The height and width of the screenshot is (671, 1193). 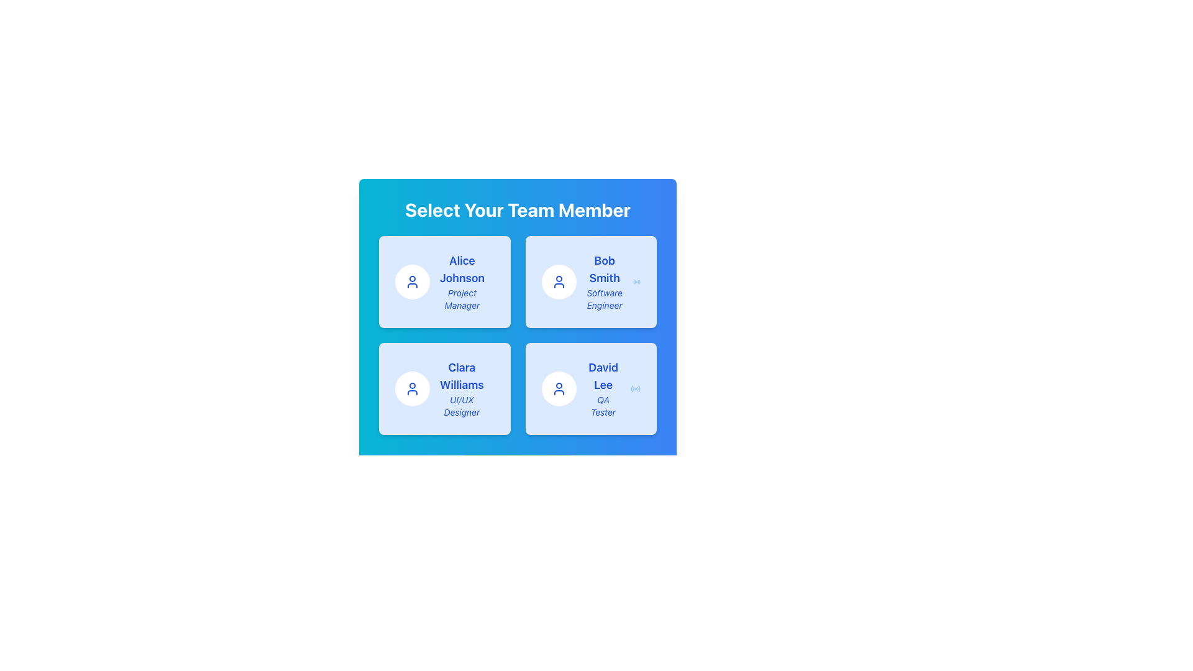 I want to click on text content displayed in the bottom-right card of the grid labeled 'Select Your Team Member', so click(x=603, y=388).